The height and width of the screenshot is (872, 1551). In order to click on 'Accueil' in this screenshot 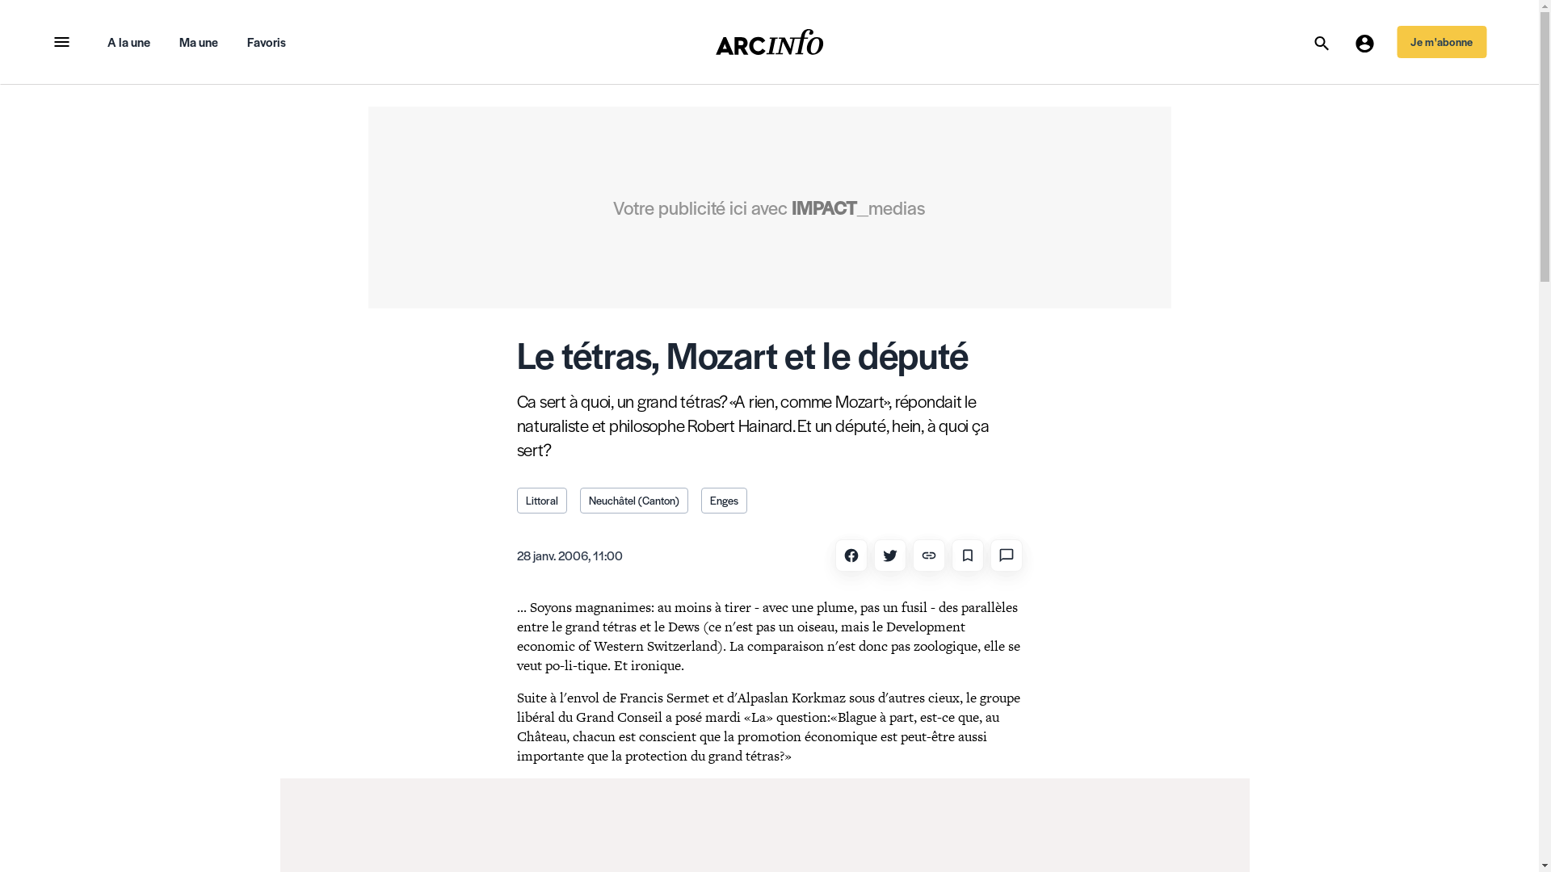, I will do `click(769, 40)`.